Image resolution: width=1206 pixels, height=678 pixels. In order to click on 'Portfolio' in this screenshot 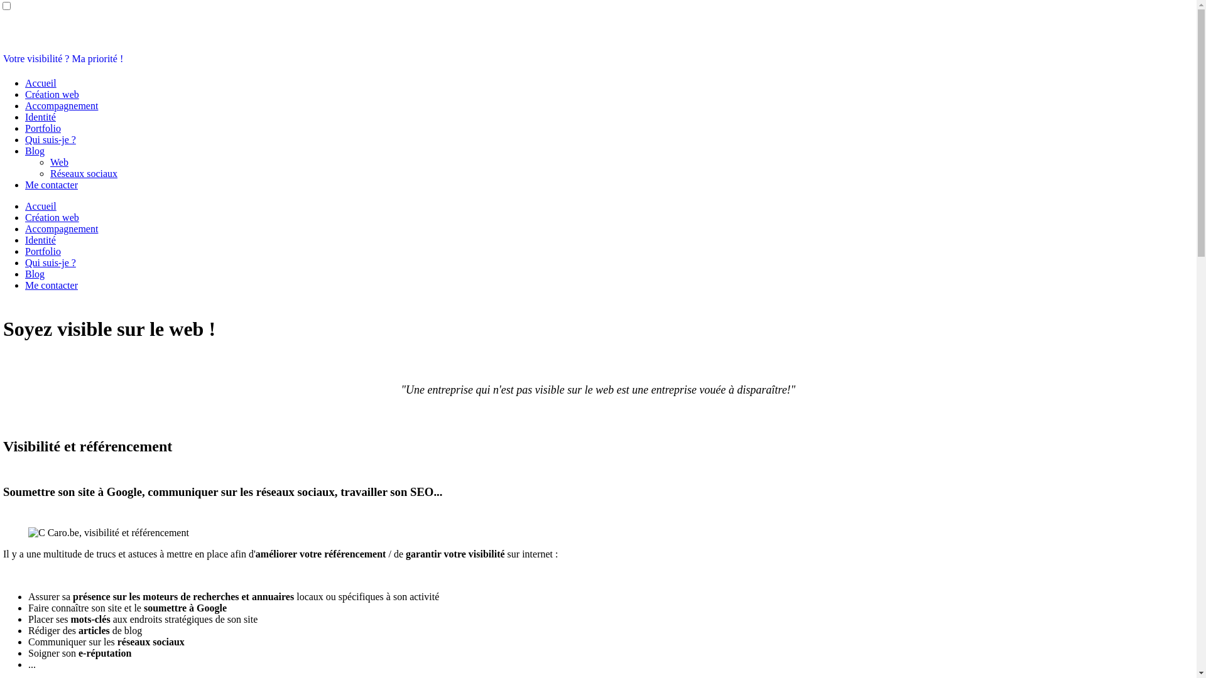, I will do `click(43, 251)`.